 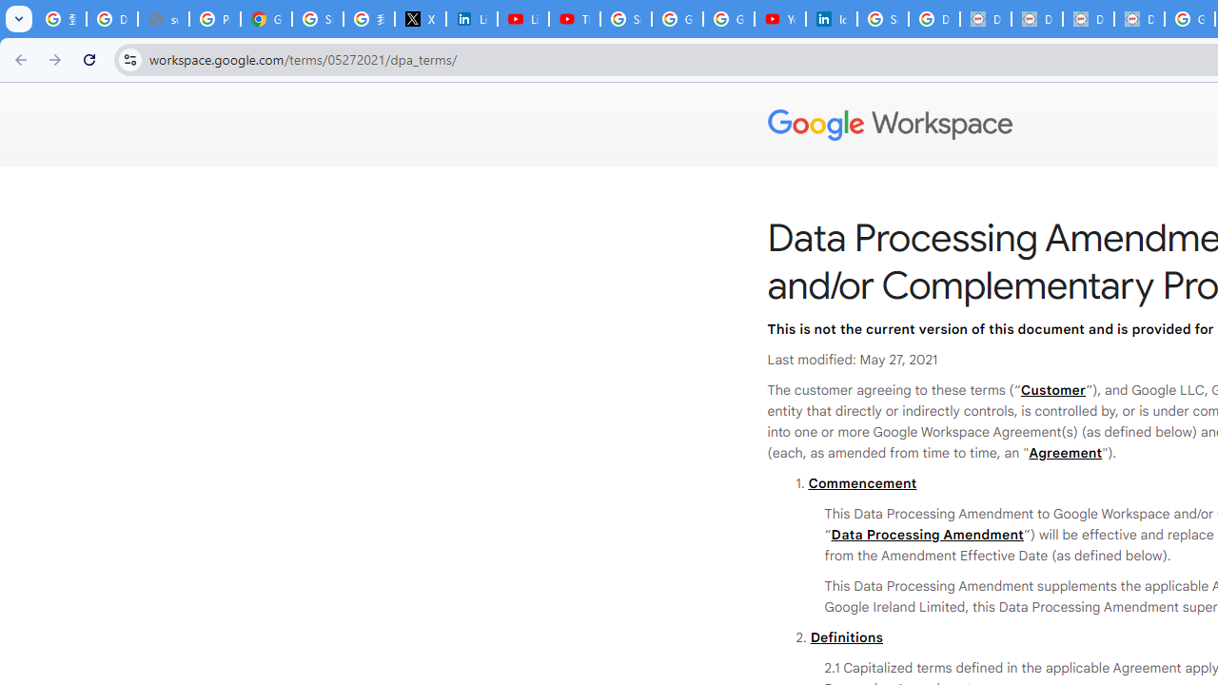 What do you see at coordinates (419, 19) in the screenshot?
I see `'X'` at bounding box center [419, 19].